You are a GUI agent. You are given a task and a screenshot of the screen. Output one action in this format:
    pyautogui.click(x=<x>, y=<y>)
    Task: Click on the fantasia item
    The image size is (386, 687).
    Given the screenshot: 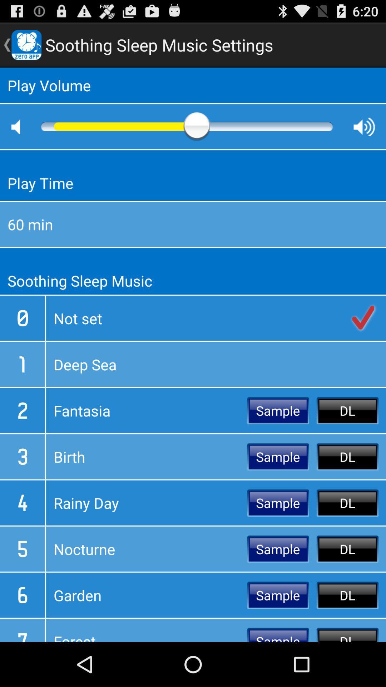 What is the action you would take?
    pyautogui.click(x=146, y=410)
    